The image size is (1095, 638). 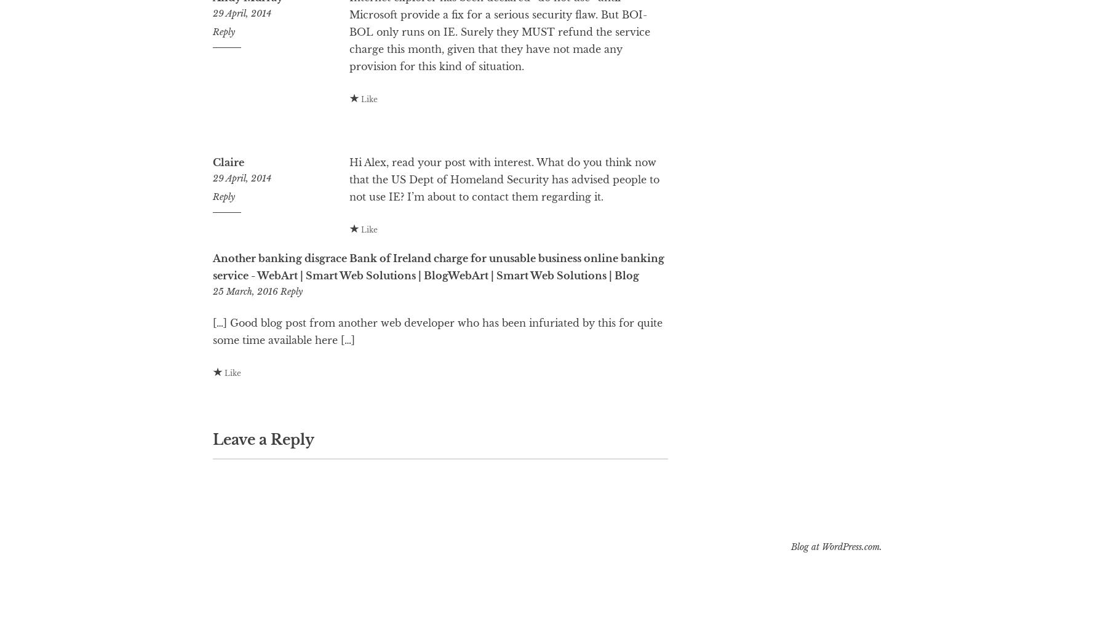 I want to click on 'Blog at WordPress.com.', so click(x=836, y=596).